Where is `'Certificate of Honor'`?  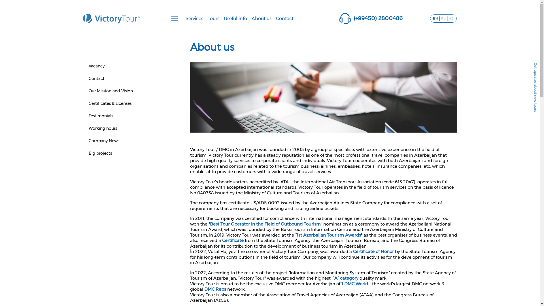 'Certificate of Honor' is located at coordinates (353, 251).